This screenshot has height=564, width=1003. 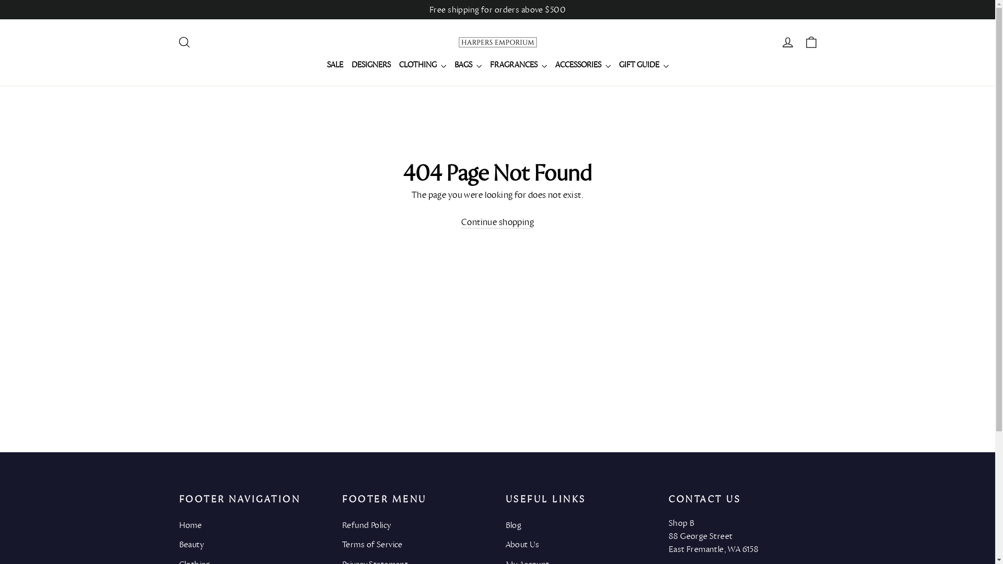 What do you see at coordinates (497, 222) in the screenshot?
I see `'Continue shopping'` at bounding box center [497, 222].